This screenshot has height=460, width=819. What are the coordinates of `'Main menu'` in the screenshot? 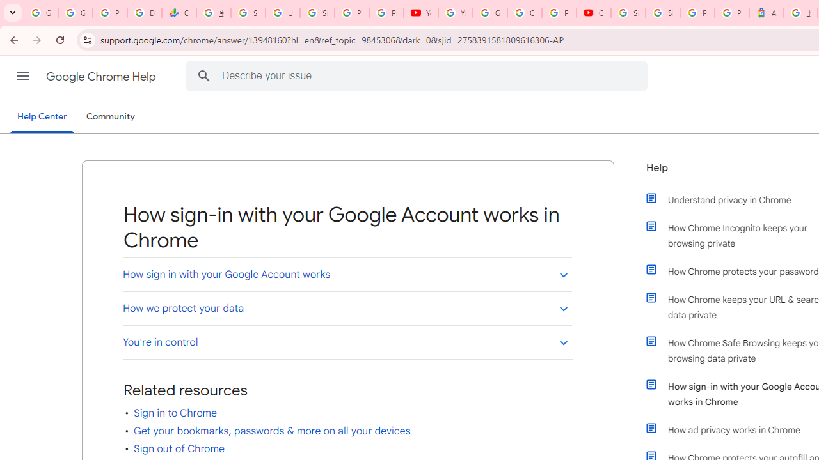 It's located at (22, 76).